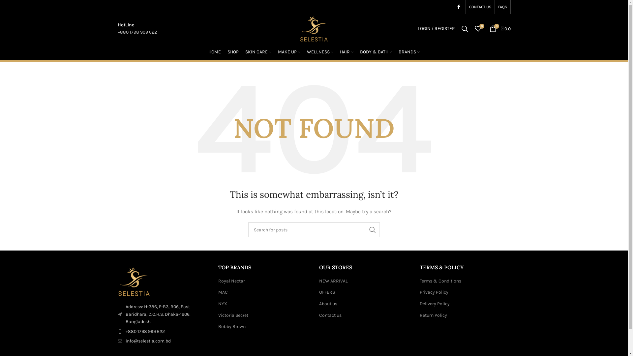 The image size is (633, 356). Describe the element at coordinates (327, 292) in the screenshot. I see `'OFFERS'` at that location.